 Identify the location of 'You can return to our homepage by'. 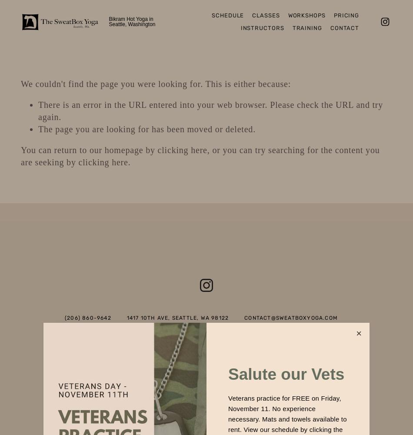
(89, 150).